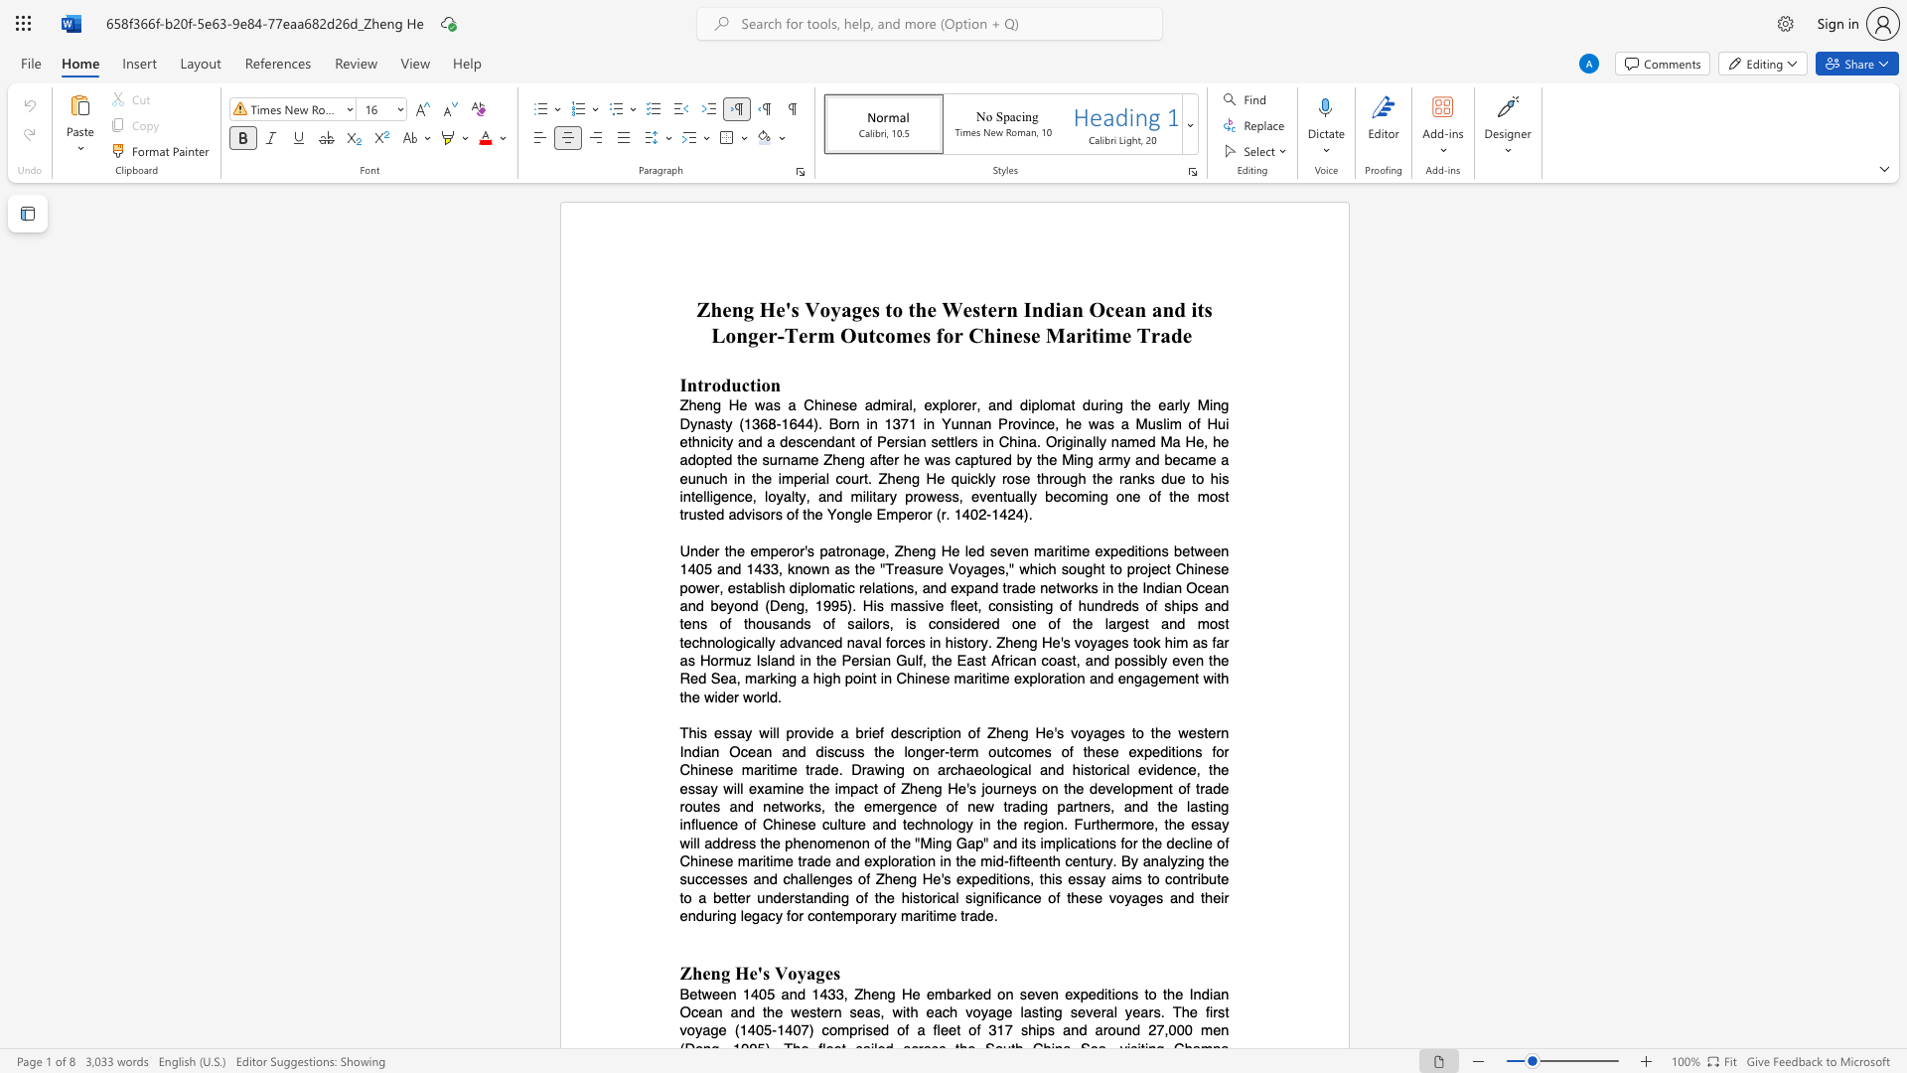 This screenshot has width=1907, height=1073. I want to click on the subset text "g influence of Chinese culture and technology in the region. Furthermore, the essay will address the phenomenon of the" within the text "This essay will provide a brief description of Zheng He", so click(1220, 806).